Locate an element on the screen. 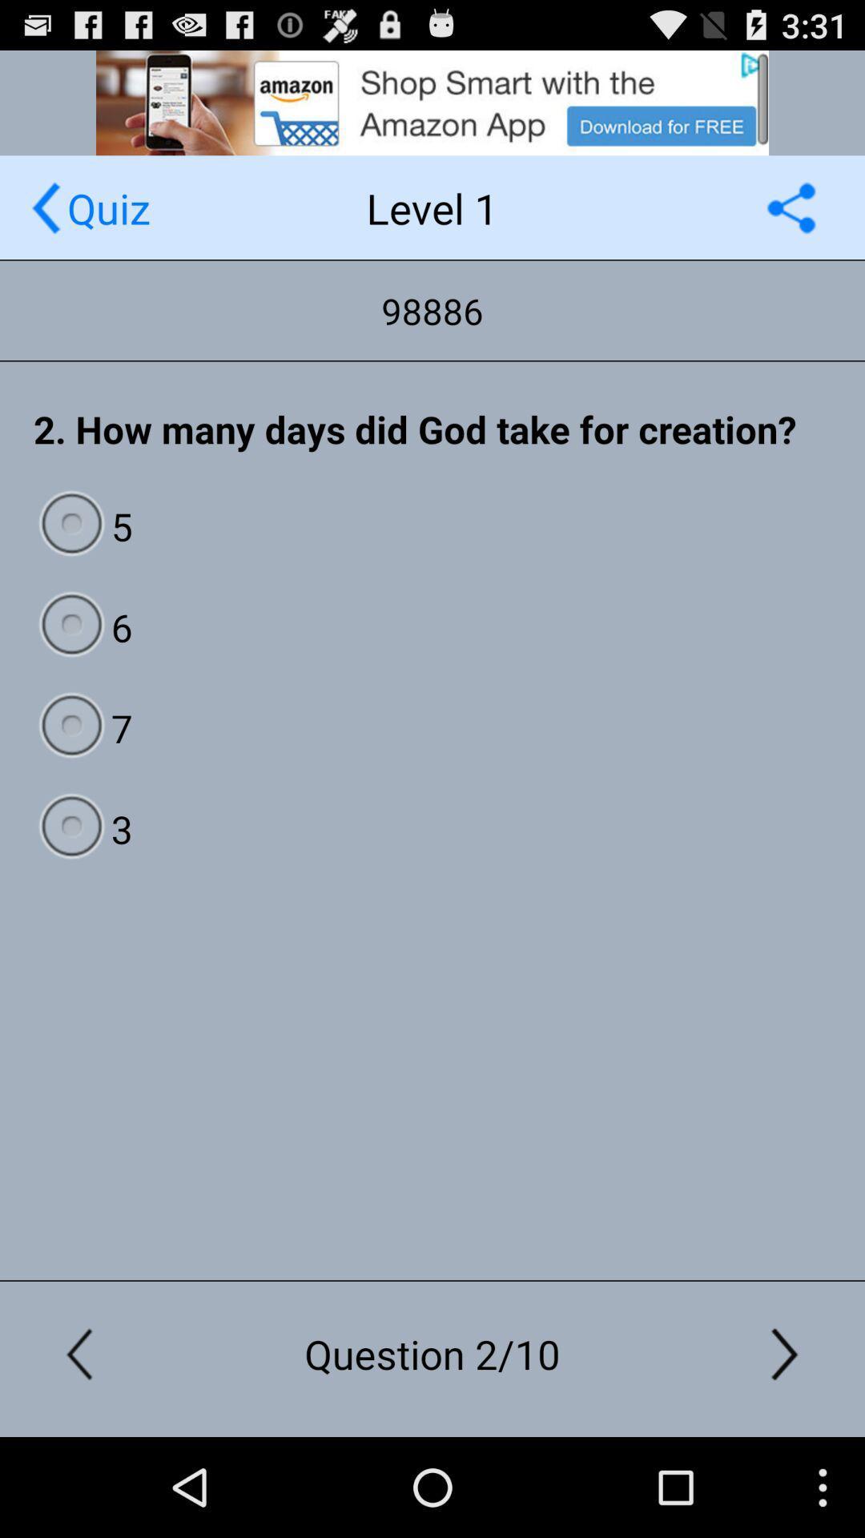  the arrow_backward icon is located at coordinates (45, 222).